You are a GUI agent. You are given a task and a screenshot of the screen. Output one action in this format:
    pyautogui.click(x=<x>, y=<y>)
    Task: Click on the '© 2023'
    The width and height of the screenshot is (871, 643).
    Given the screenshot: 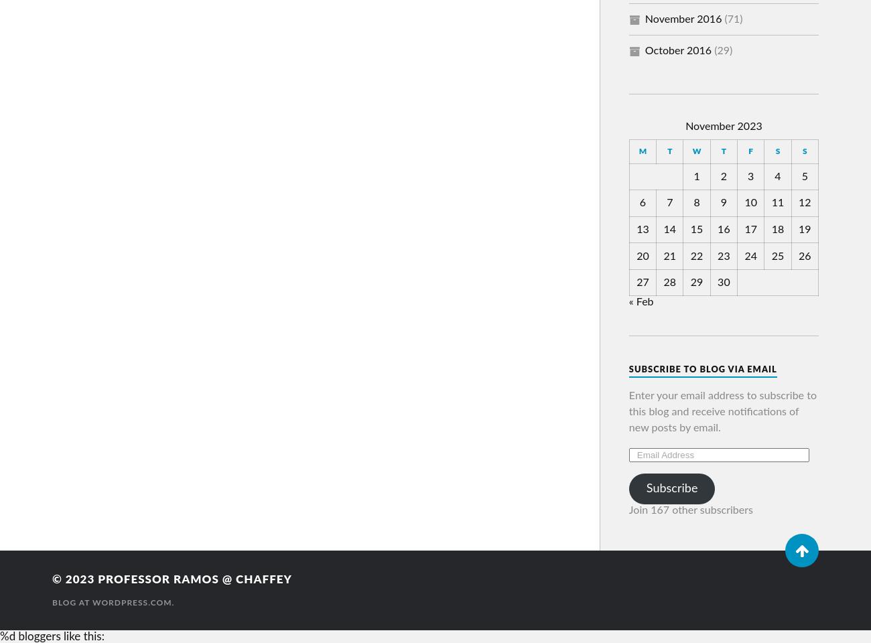 What is the action you would take?
    pyautogui.click(x=52, y=579)
    